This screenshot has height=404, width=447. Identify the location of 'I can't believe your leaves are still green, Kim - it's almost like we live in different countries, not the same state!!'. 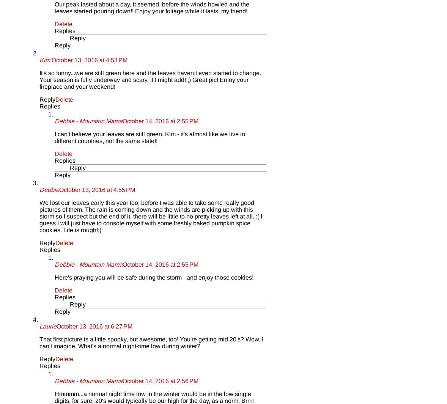
(150, 137).